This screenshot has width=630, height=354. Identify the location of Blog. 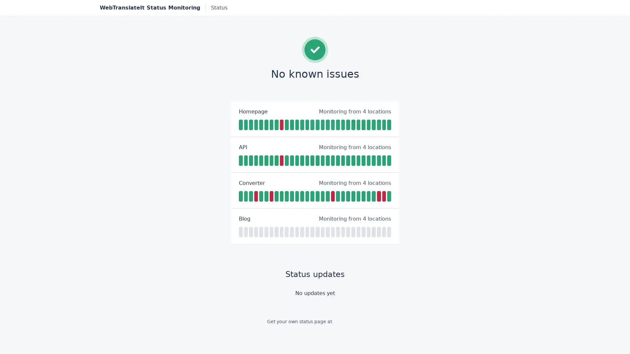
(244, 219).